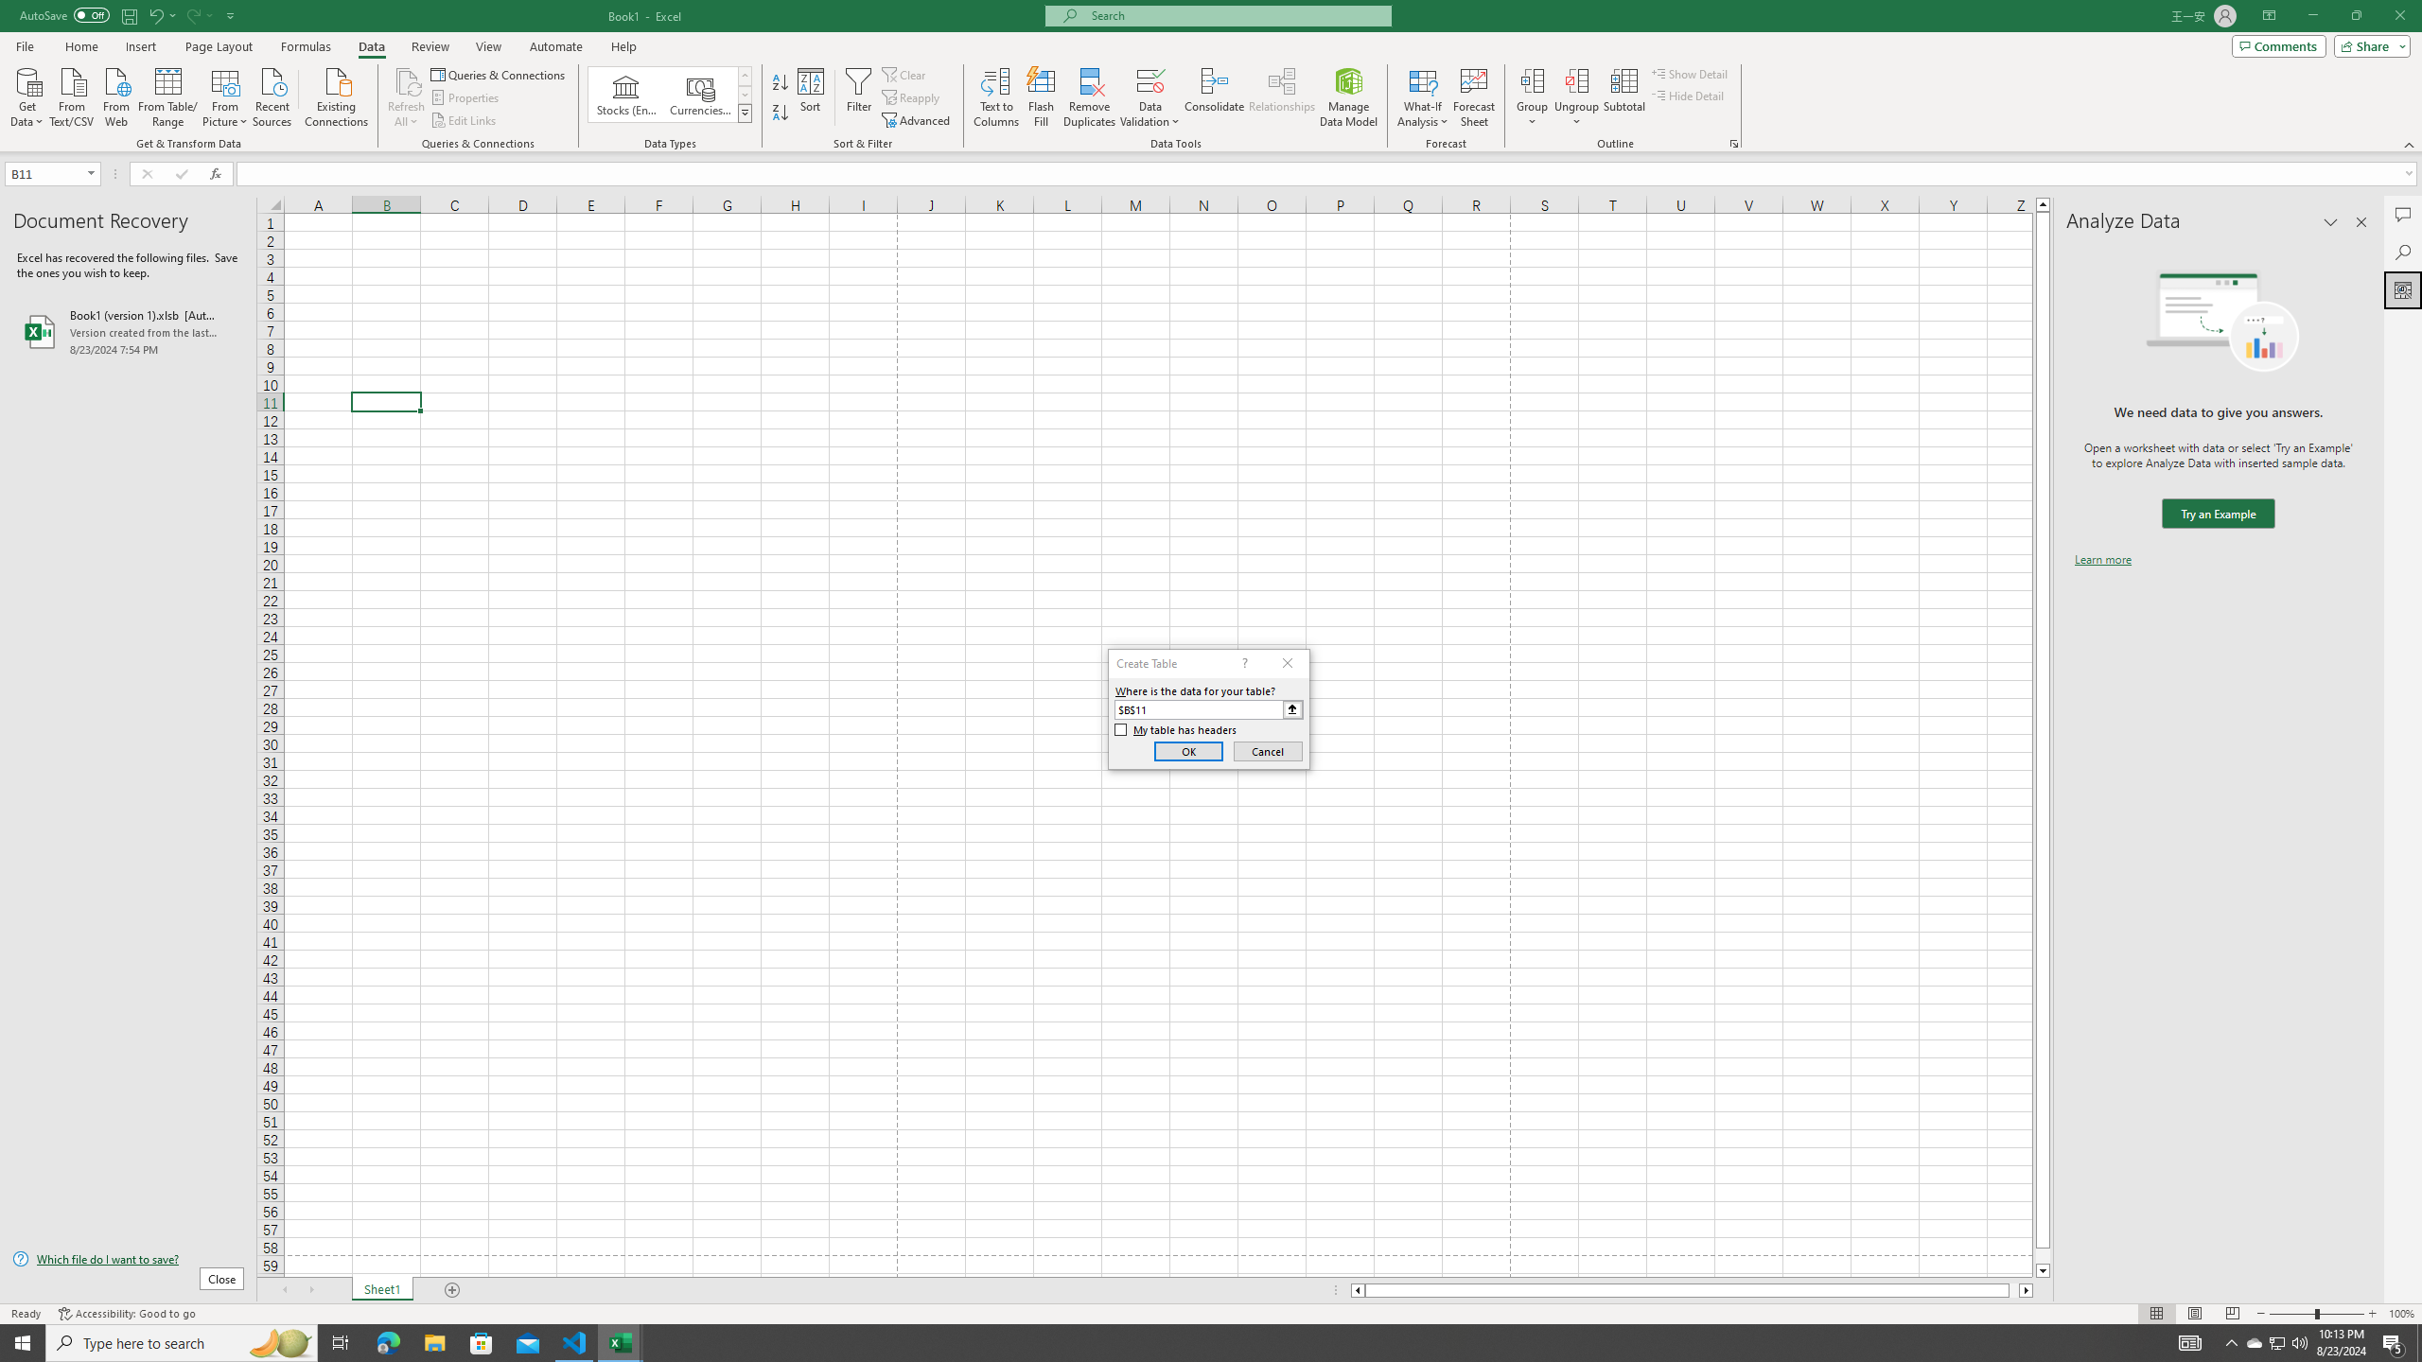 The width and height of the screenshot is (2422, 1362). Describe the element at coordinates (80, 46) in the screenshot. I see `'Home'` at that location.